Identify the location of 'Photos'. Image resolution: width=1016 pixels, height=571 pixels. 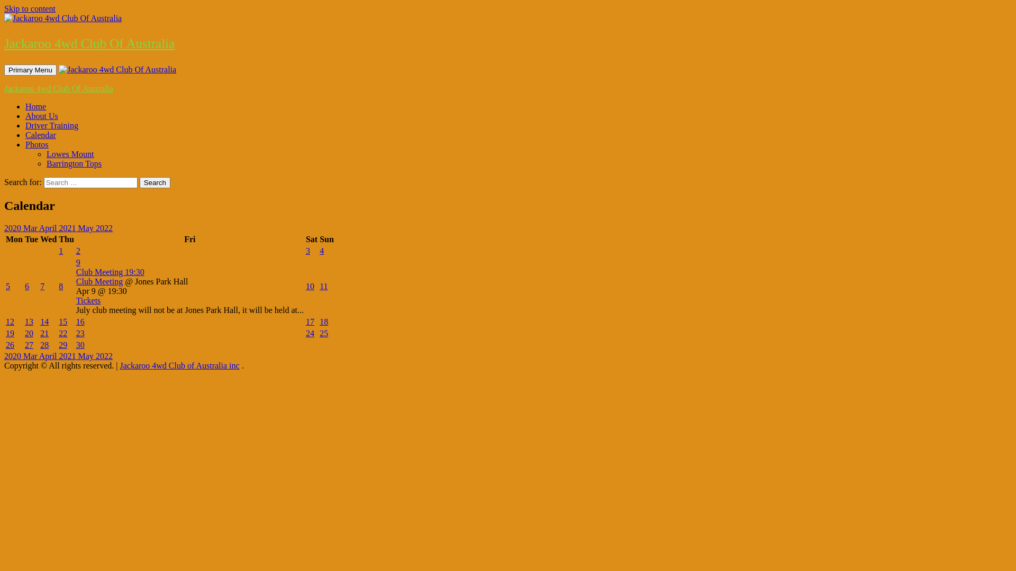
(37, 144).